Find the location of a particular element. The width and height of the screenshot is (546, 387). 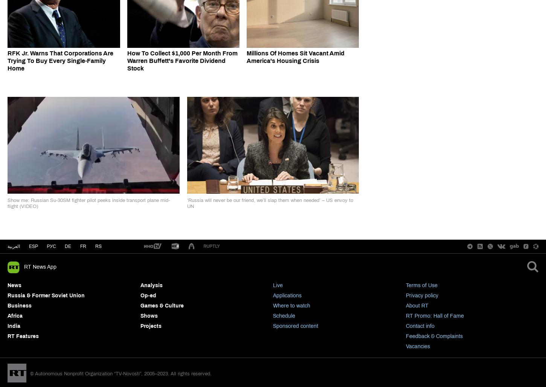

'Schedule' is located at coordinates (284, 316).